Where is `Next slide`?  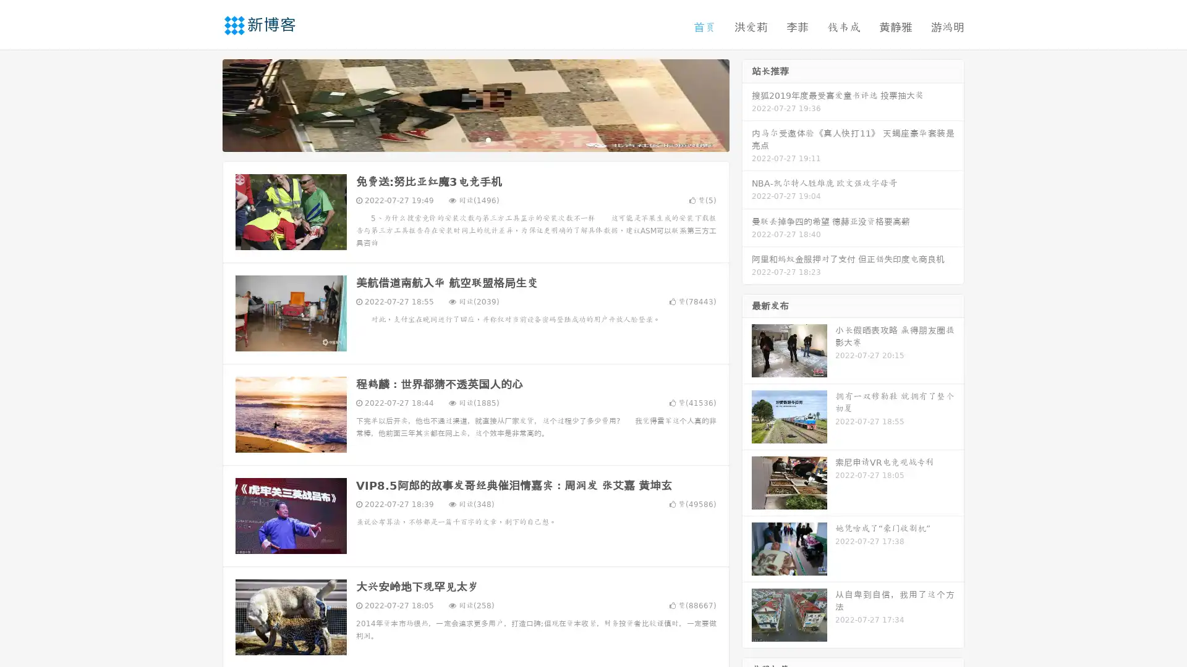
Next slide is located at coordinates (747, 104).